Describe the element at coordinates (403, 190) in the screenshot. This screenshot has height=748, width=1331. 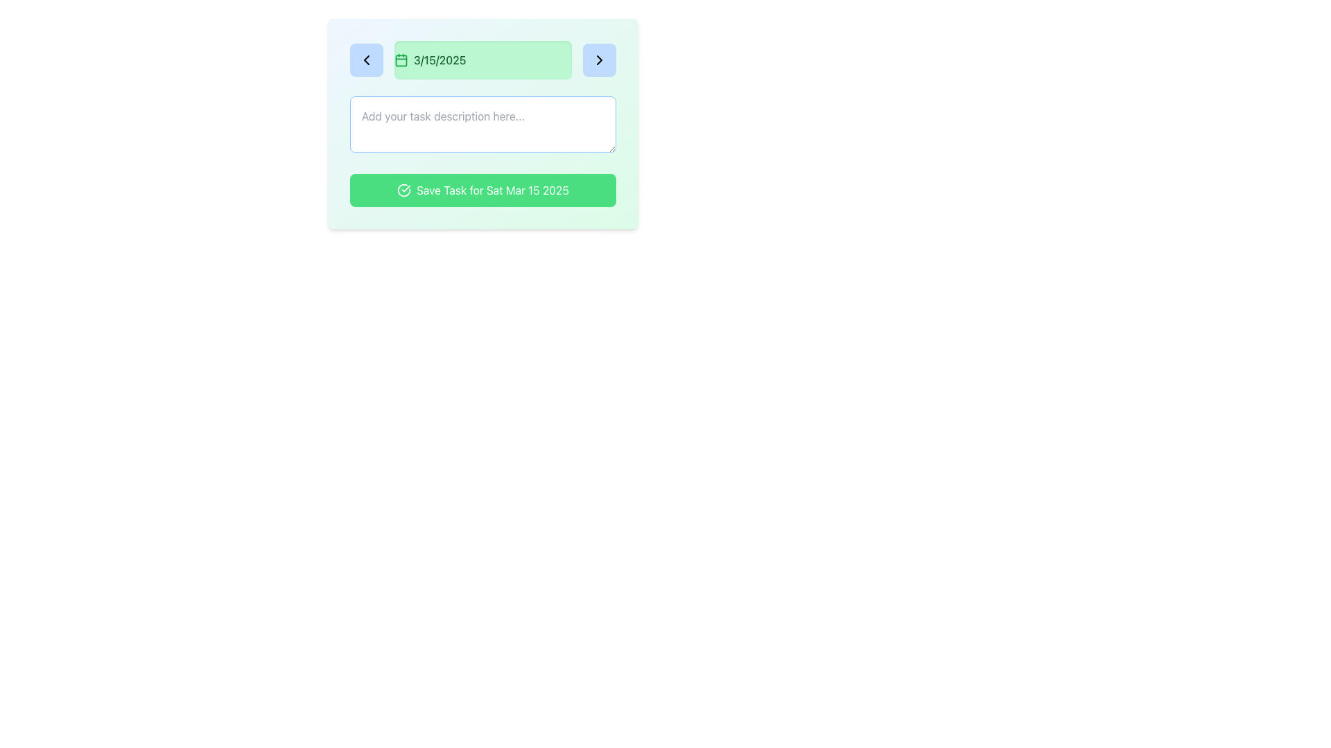
I see `the upper segment of the circular checkmark icon within the 'Save Task' button, located to the left of the text` at that location.